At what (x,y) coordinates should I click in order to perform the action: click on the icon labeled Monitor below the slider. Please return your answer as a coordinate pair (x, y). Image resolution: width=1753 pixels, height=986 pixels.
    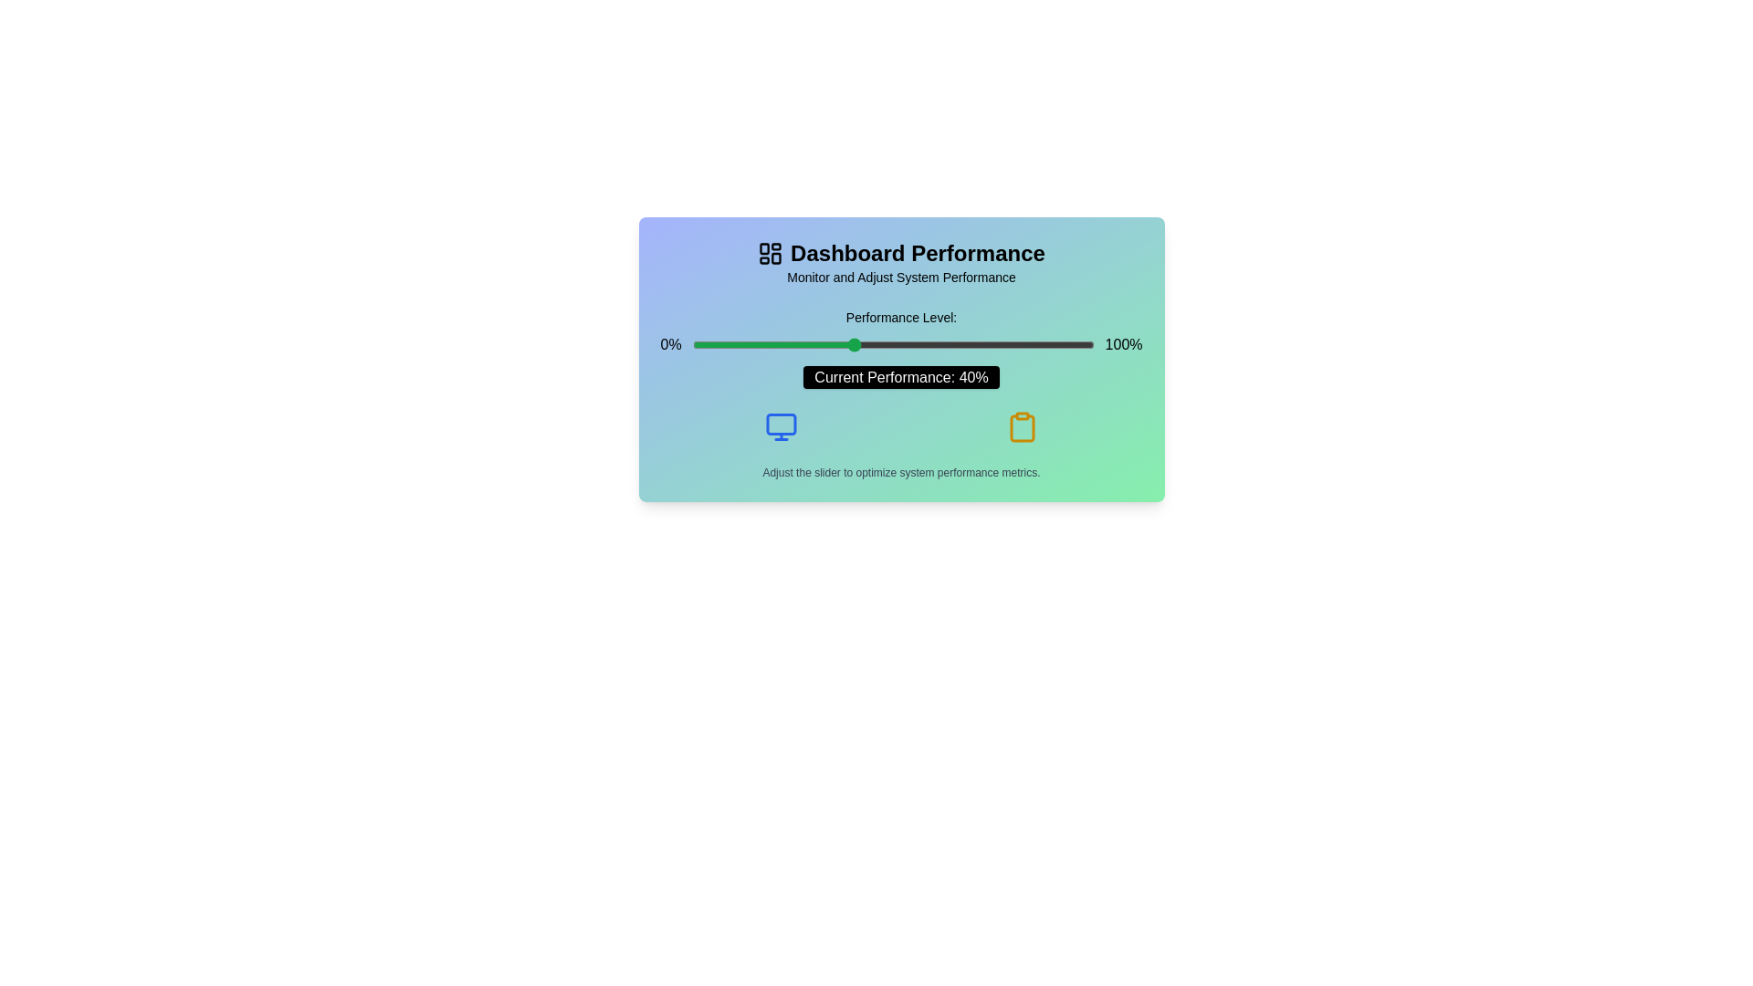
    Looking at the image, I should click on (781, 426).